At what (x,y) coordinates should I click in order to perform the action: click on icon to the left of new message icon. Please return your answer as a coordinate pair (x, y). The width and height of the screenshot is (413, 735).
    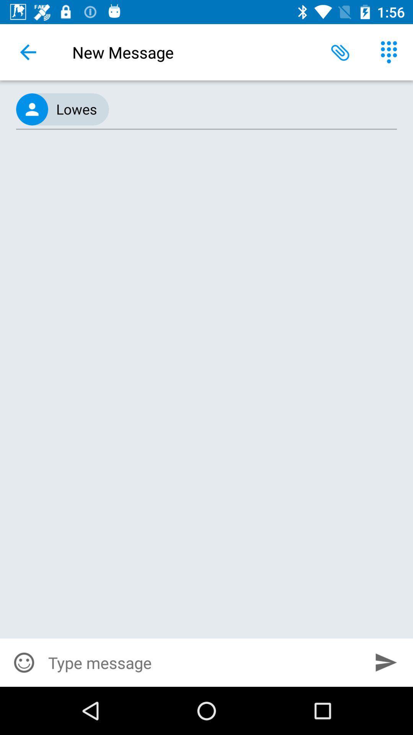
    Looking at the image, I should click on (28, 52).